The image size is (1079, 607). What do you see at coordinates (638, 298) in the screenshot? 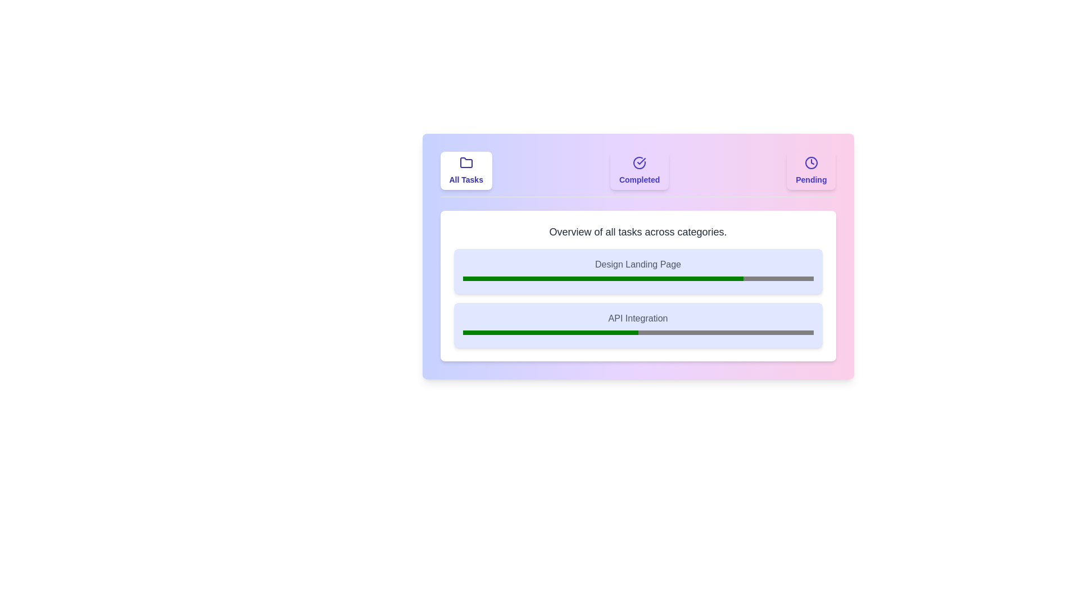
I see `the task progress display component which includes the titles 'Design Landing Page' and 'API Integration' along with their respective progress bars` at bounding box center [638, 298].